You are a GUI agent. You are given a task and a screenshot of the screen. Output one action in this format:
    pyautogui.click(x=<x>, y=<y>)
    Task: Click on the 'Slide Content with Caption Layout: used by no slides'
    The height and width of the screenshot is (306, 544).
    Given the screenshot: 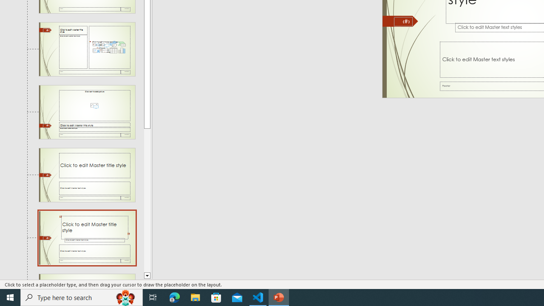 What is the action you would take?
    pyautogui.click(x=87, y=49)
    